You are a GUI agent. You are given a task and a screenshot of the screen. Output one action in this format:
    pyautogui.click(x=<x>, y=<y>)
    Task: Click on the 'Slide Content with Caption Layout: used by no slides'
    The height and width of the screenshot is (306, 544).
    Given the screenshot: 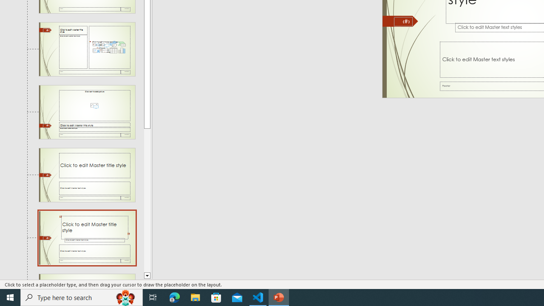 What is the action you would take?
    pyautogui.click(x=87, y=49)
    